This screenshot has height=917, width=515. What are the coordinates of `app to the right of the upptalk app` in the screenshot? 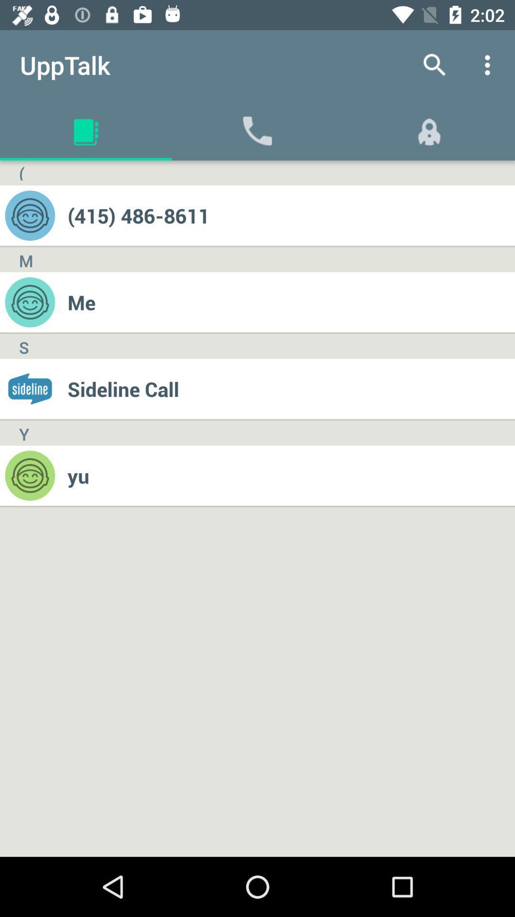 It's located at (434, 64).